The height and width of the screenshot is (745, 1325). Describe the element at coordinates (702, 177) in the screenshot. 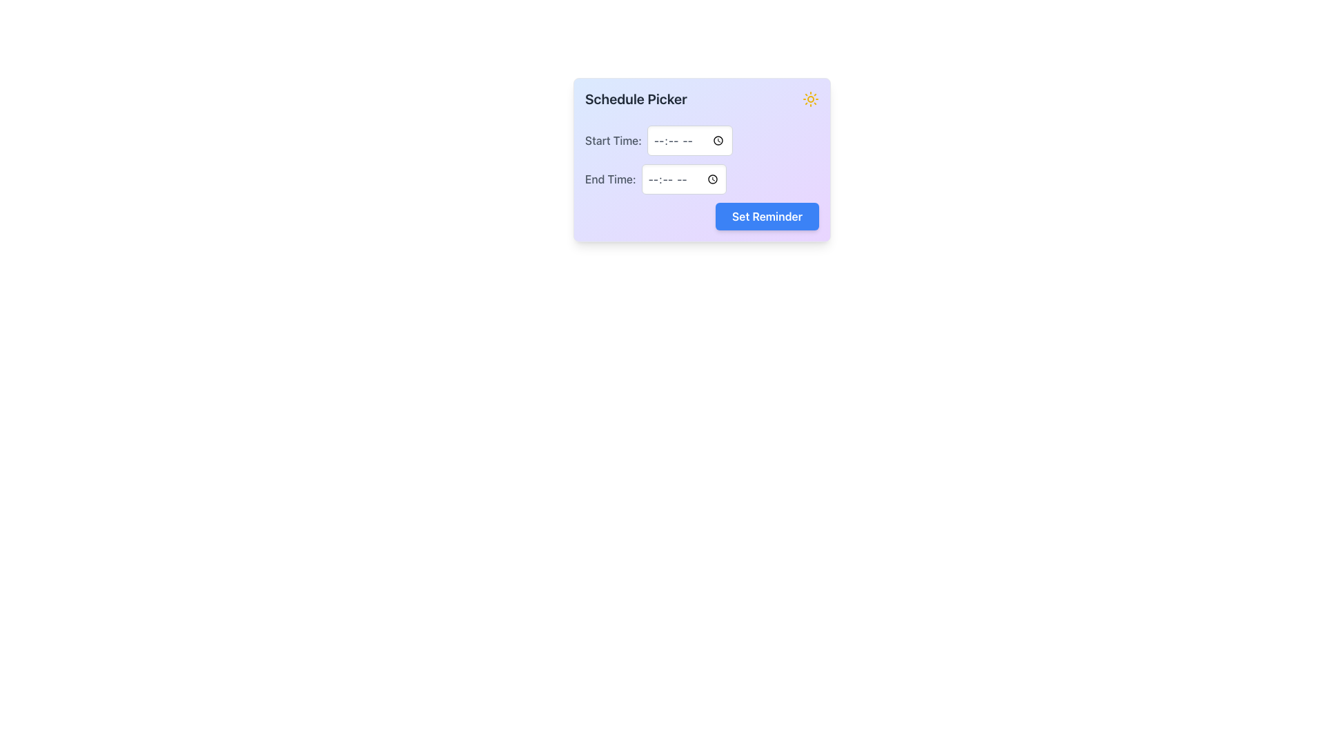

I see `the 'Start Time' or 'End Time' input fields in the Schedule Picker panel` at that location.